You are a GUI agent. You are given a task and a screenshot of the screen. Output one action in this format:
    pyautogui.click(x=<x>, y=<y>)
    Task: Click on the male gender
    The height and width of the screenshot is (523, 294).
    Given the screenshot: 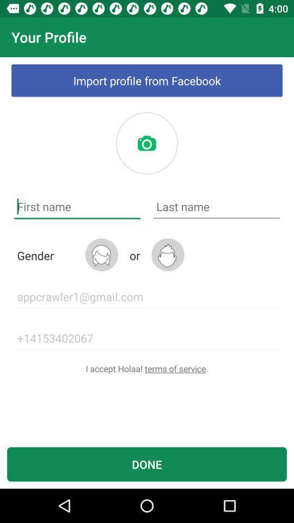 What is the action you would take?
    pyautogui.click(x=168, y=254)
    